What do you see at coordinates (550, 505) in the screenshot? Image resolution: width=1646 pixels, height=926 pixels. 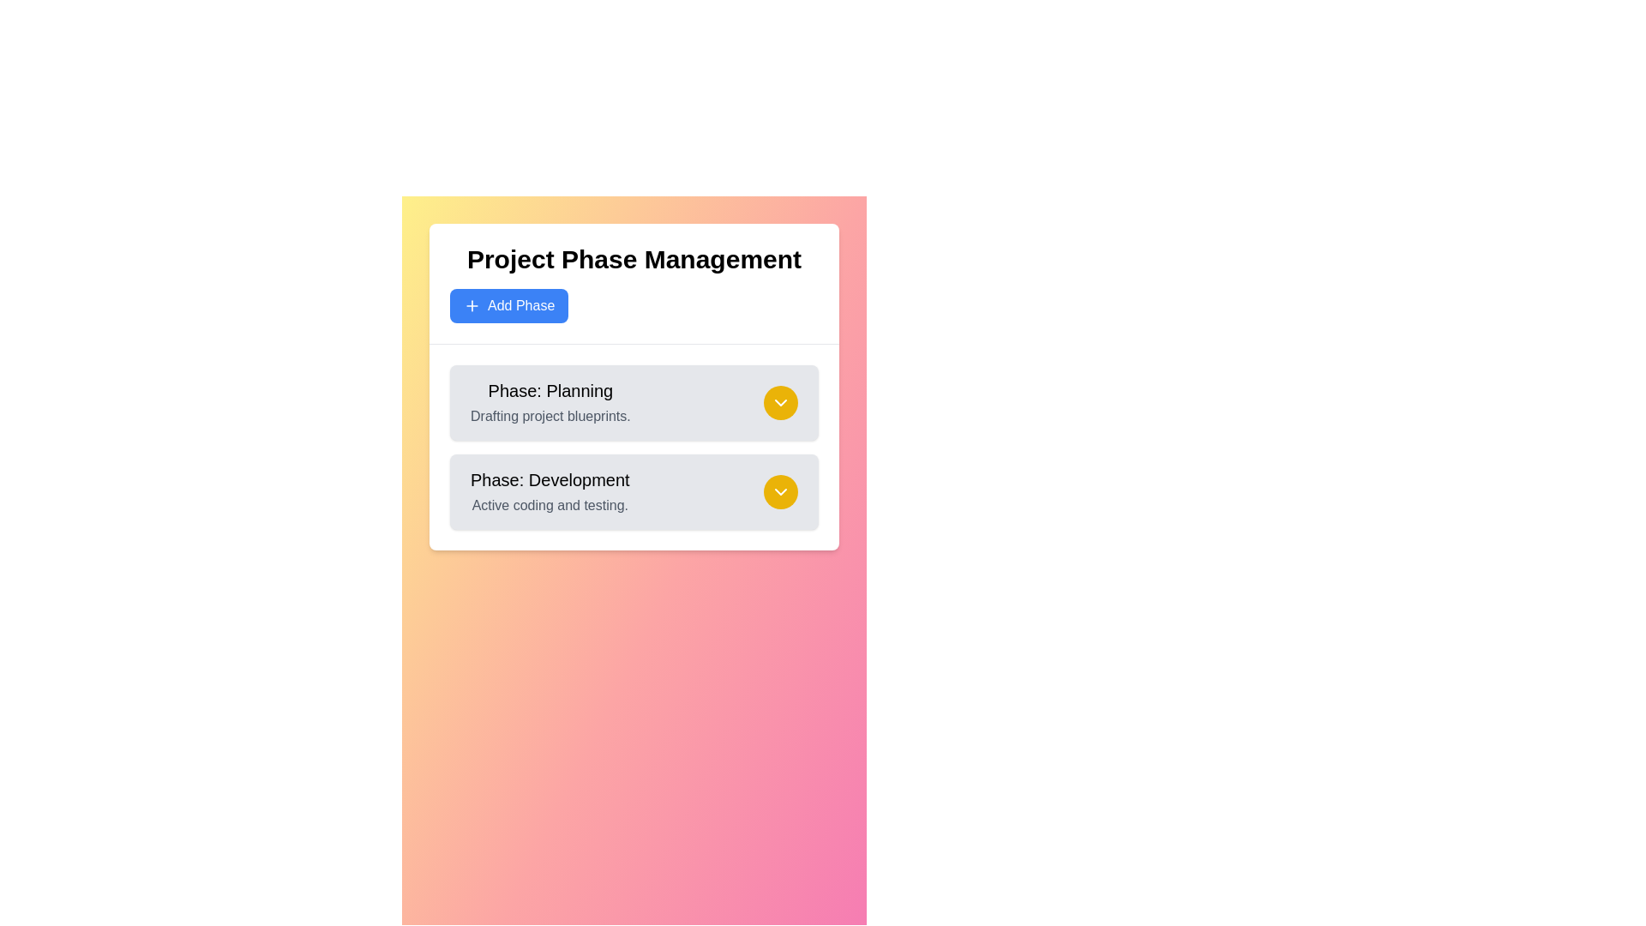 I see `the text providing additional descriptive information about the 'Development' phase, located beneath the heading 'Phase: Development' within a card-like structure` at bounding box center [550, 505].